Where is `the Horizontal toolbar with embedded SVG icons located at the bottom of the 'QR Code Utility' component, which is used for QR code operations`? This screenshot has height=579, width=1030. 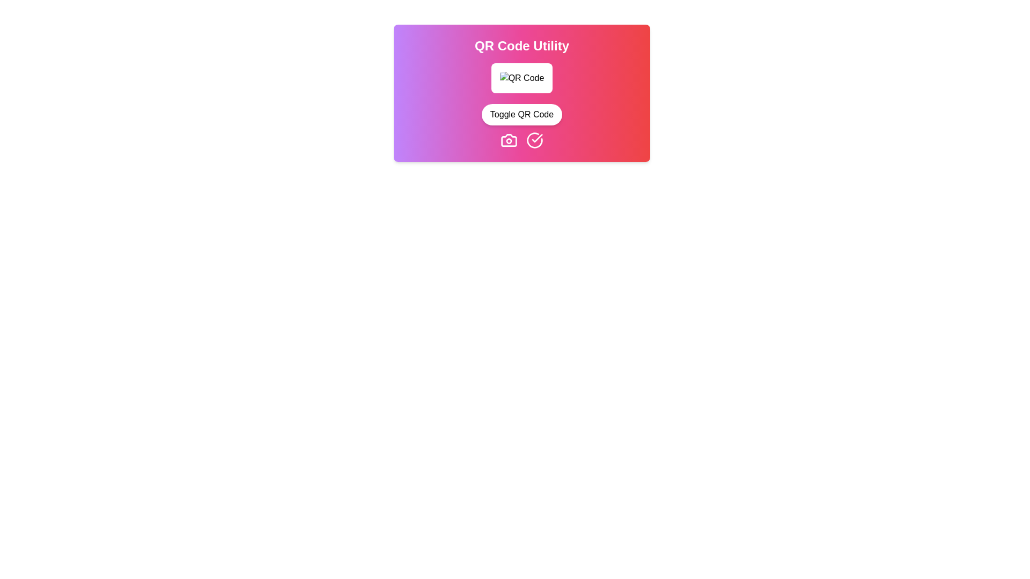
the Horizontal toolbar with embedded SVG icons located at the bottom of the 'QR Code Utility' component, which is used for QR code operations is located at coordinates (522, 140).